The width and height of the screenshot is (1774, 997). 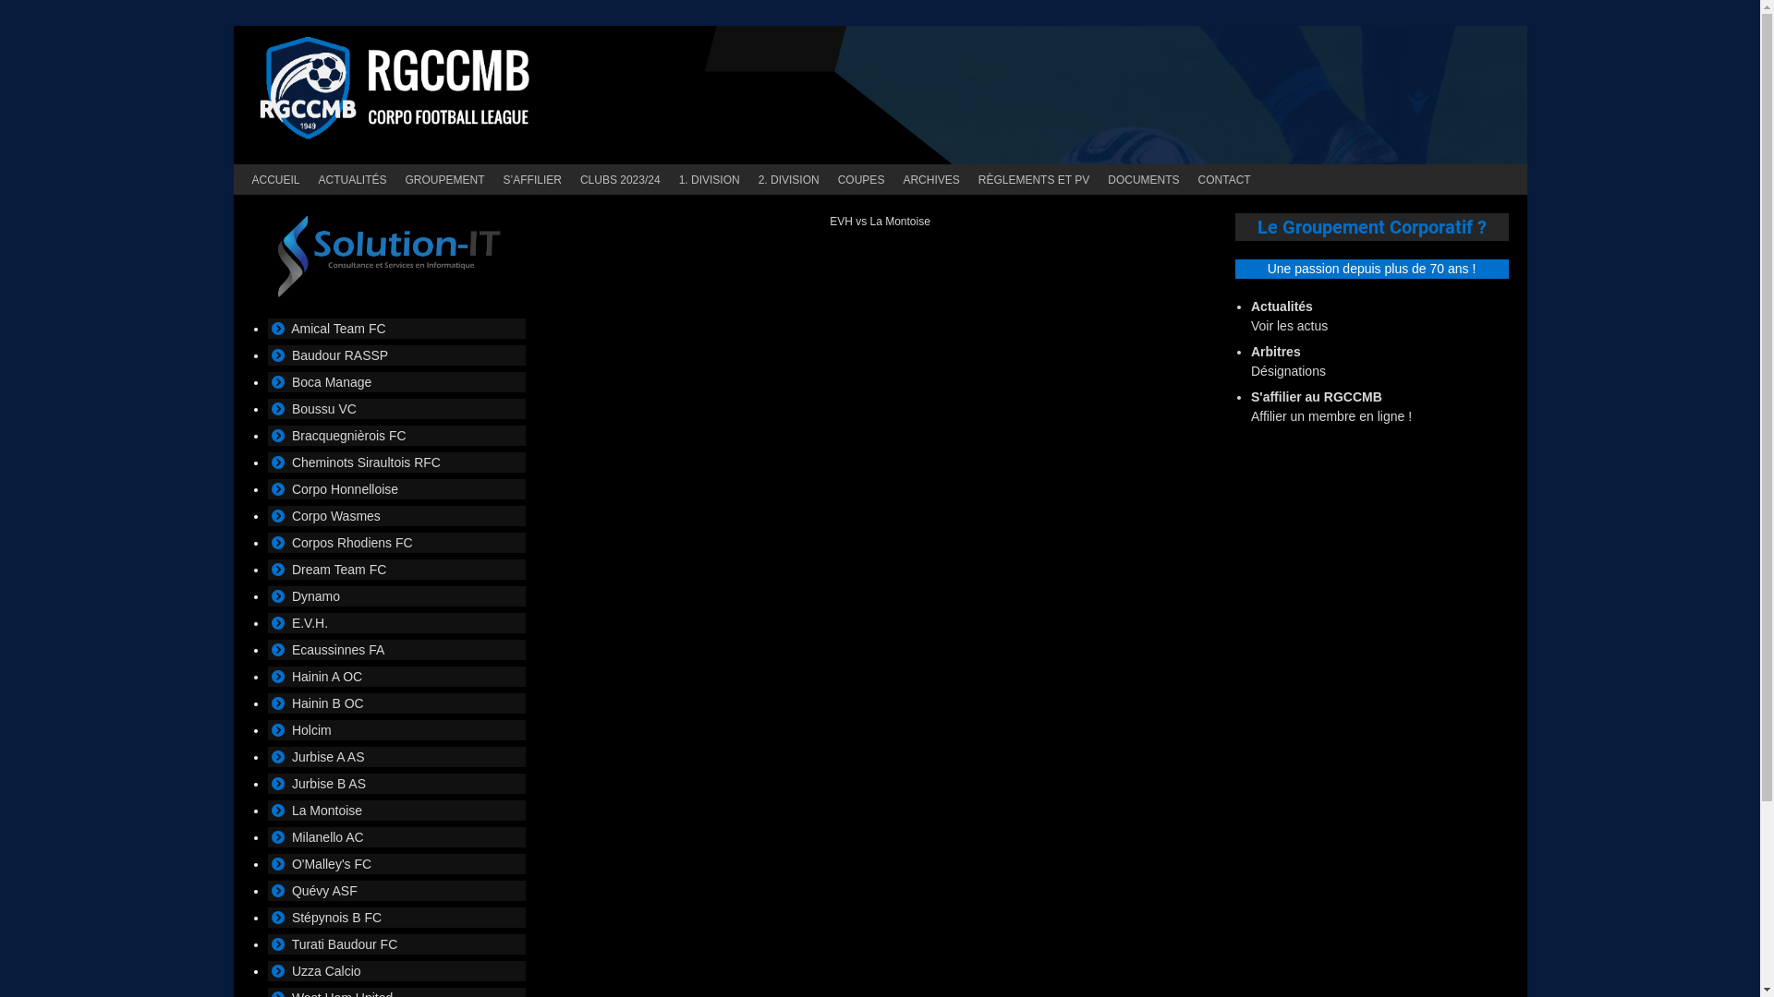 I want to click on 'Corpos Rhodiens FC', so click(x=352, y=541).